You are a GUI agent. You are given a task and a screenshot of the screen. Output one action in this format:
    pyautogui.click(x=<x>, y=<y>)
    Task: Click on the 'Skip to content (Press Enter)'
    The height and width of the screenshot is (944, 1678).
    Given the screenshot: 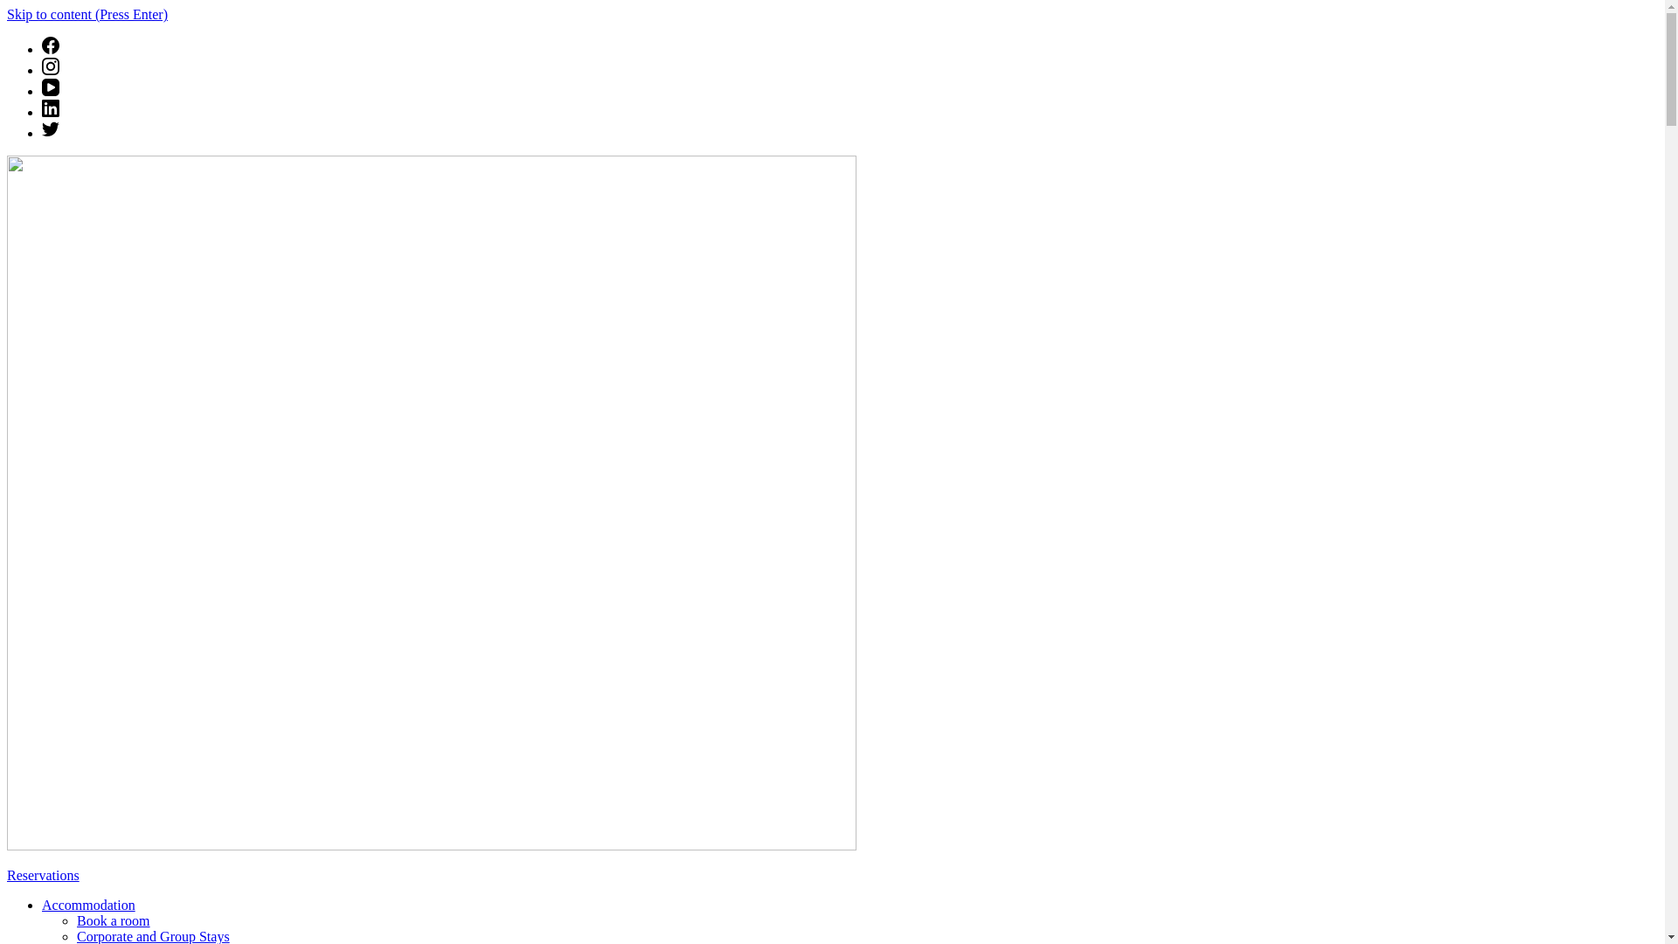 What is the action you would take?
    pyautogui.click(x=87, y=14)
    